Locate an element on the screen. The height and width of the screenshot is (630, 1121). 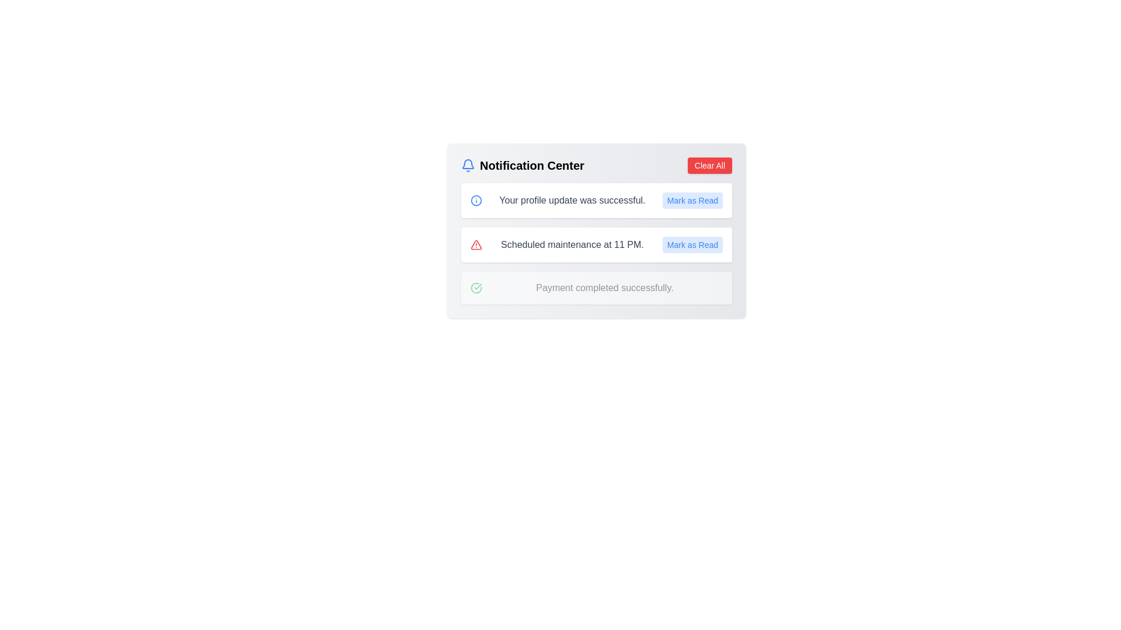
the blue bell-shaped notification icon located to the left of the 'Notification Center' text in the notifications panel is located at coordinates (468, 166).